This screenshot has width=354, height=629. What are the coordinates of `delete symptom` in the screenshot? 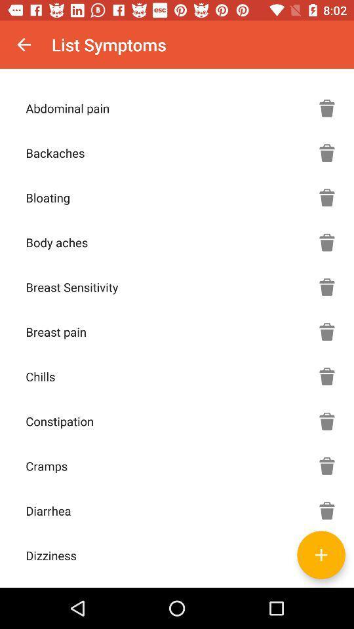 It's located at (326, 510).